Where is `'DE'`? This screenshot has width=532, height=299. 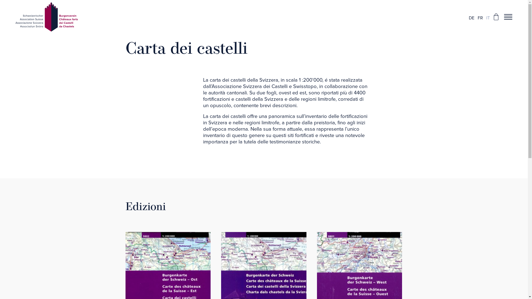 'DE' is located at coordinates (471, 17).